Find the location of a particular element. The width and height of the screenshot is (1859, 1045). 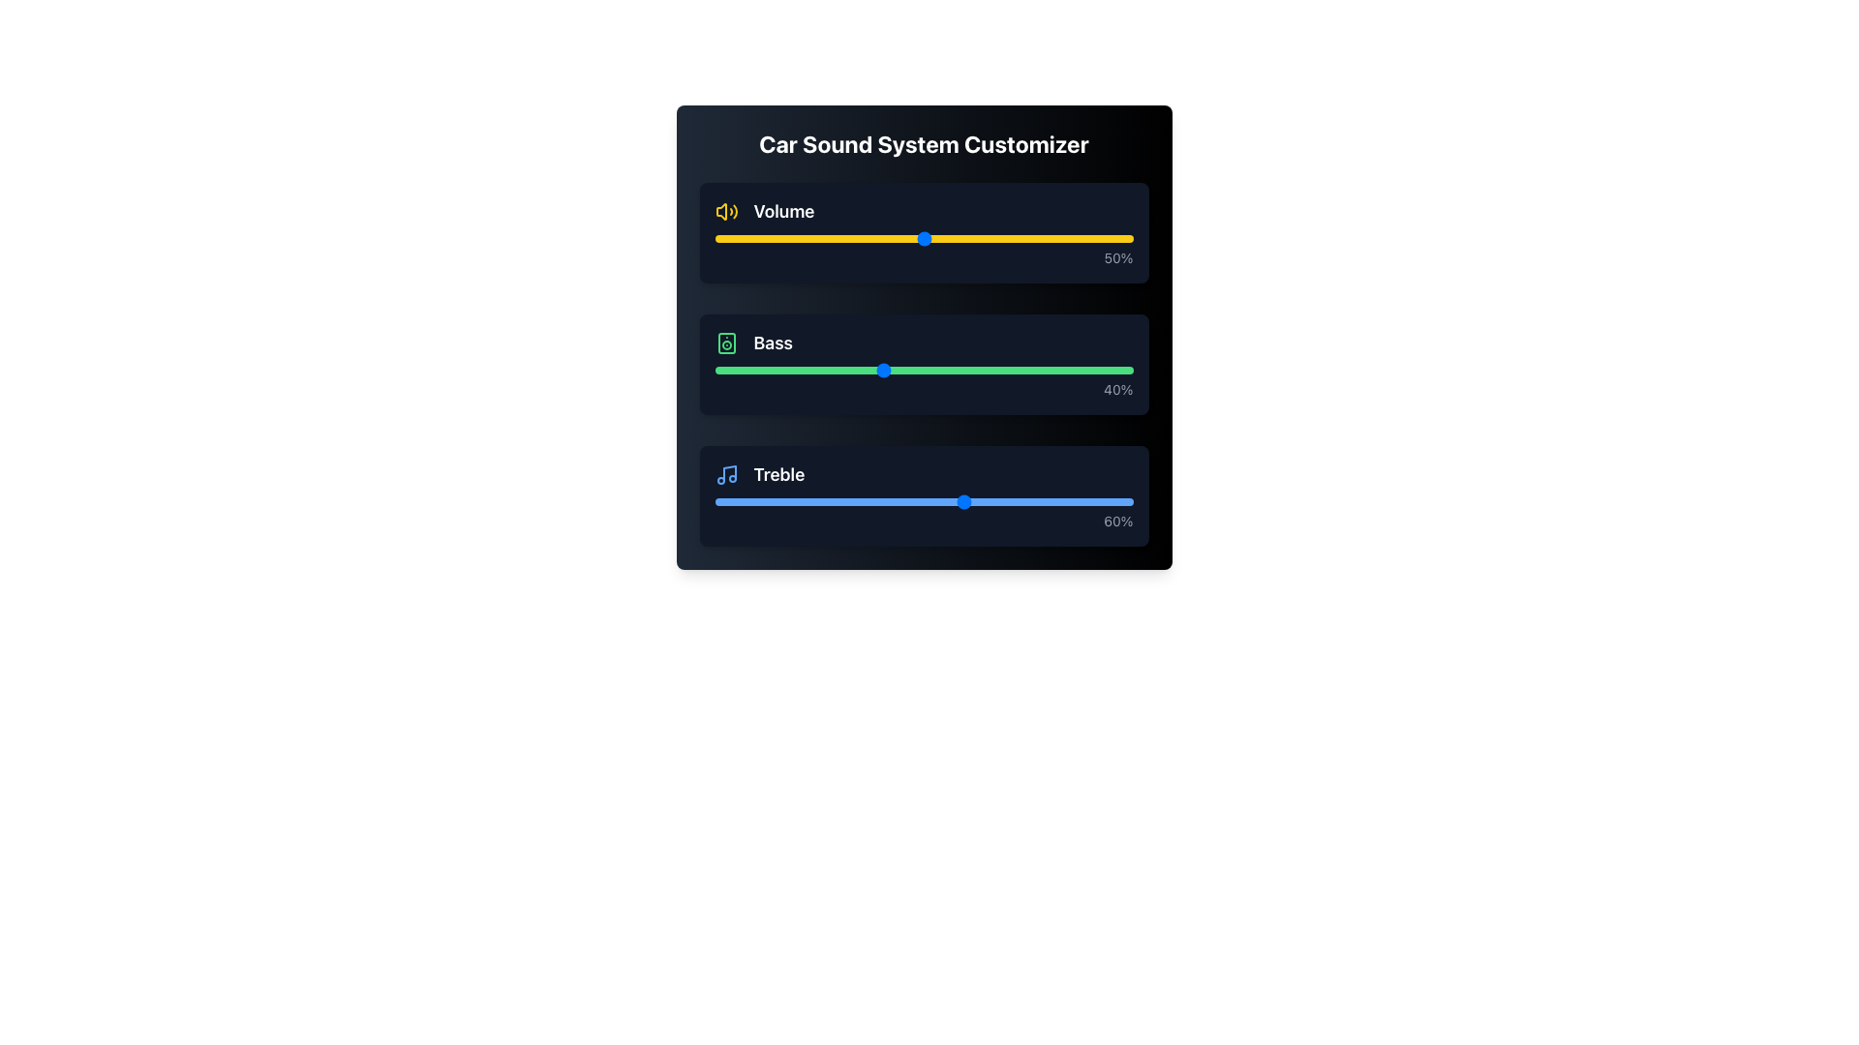

the volume is located at coordinates (914, 237).